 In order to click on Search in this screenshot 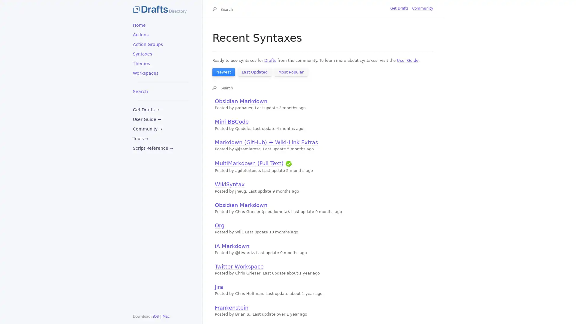, I will do `click(216, 10)`.